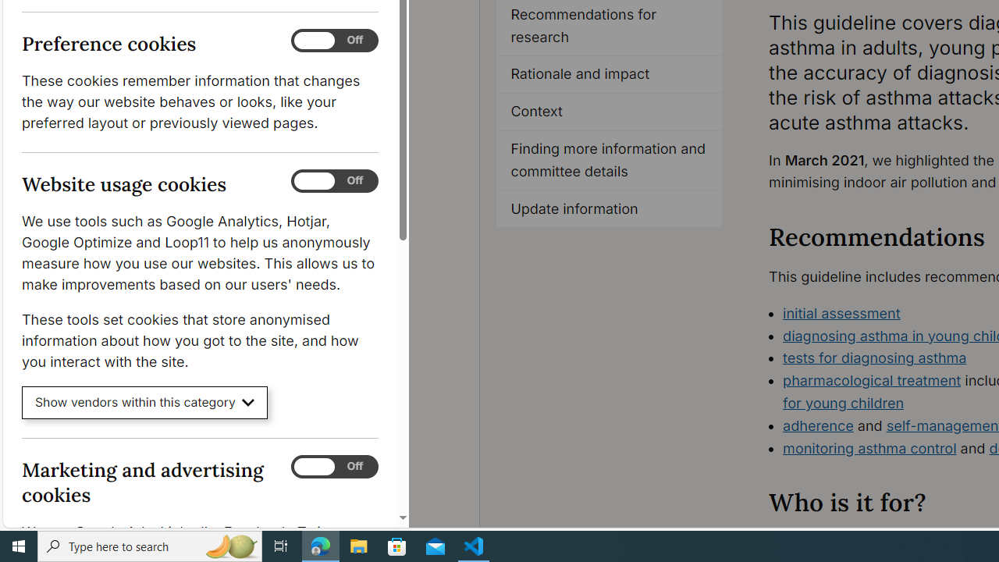  What do you see at coordinates (871, 380) in the screenshot?
I see `'pharmacological treatment'` at bounding box center [871, 380].